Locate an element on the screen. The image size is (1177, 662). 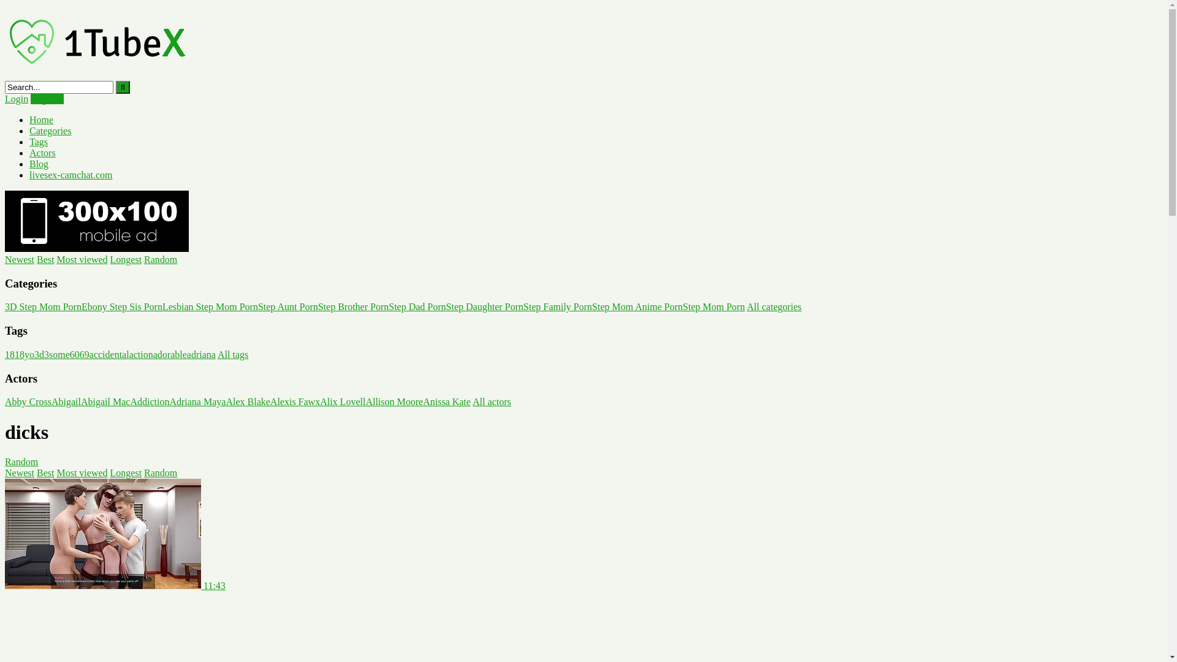
'Step Brother Porn' is located at coordinates (352, 306).